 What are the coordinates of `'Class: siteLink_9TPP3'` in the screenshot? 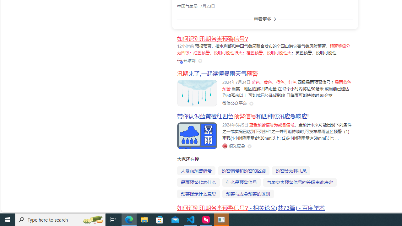 It's located at (233, 146).